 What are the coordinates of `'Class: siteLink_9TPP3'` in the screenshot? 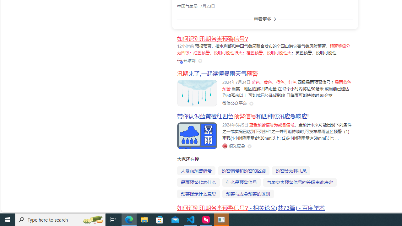 It's located at (233, 146).